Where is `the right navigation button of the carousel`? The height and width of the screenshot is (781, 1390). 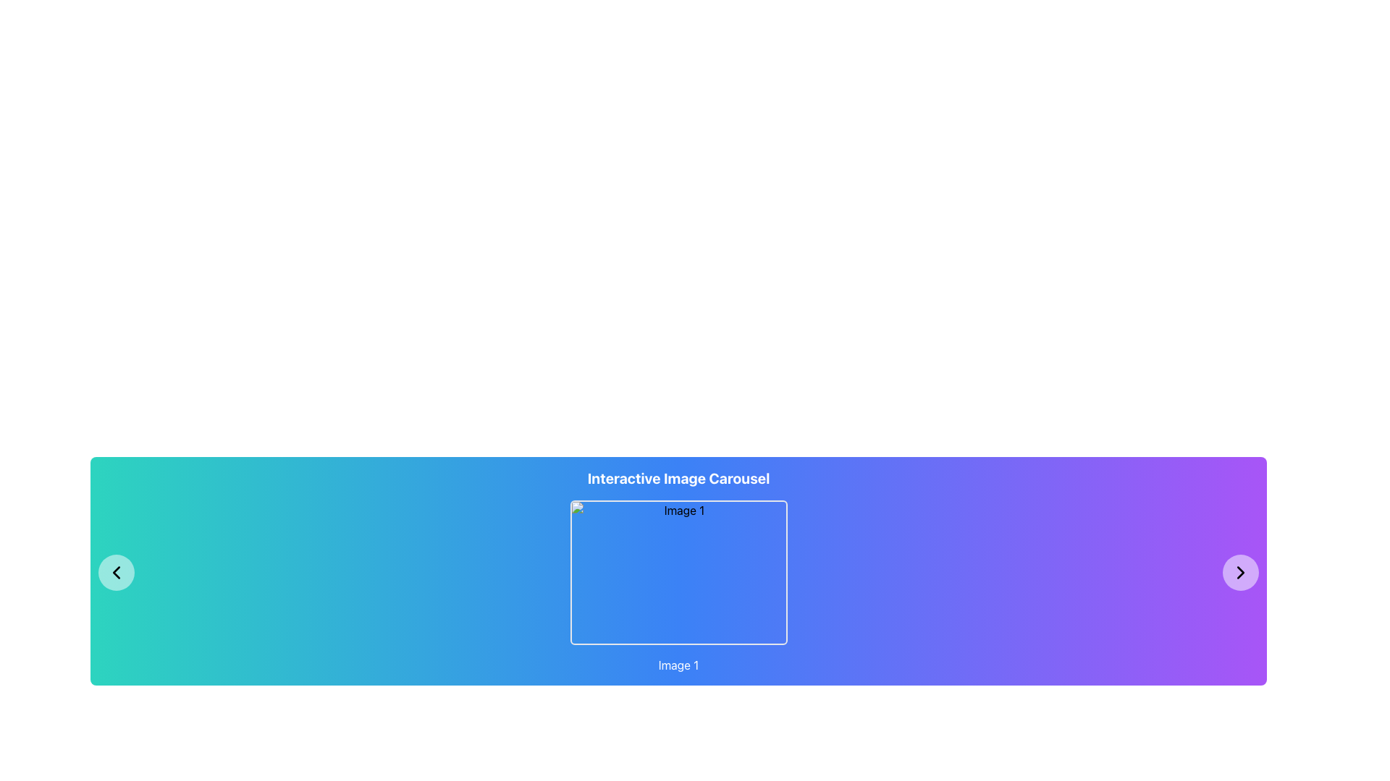 the right navigation button of the carousel is located at coordinates (1239, 571).